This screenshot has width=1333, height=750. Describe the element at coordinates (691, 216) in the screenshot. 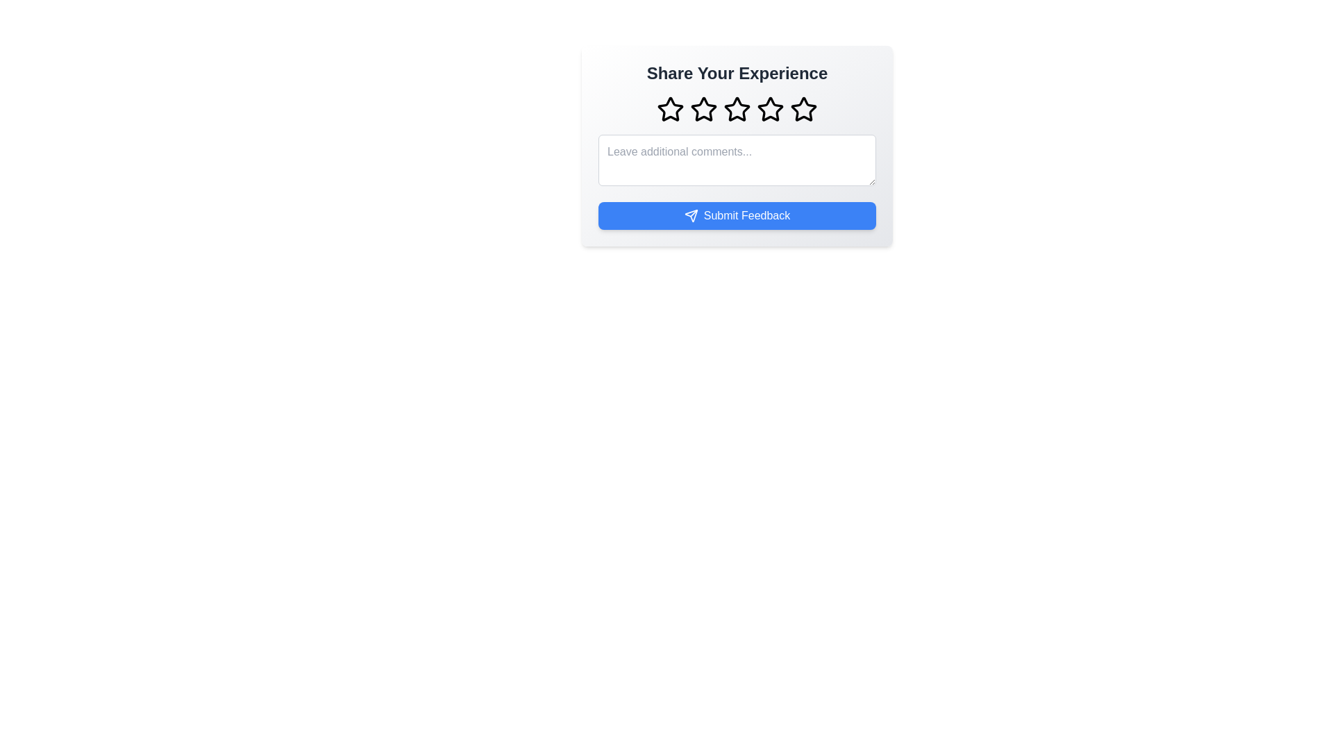

I see `the feedback submission icon located to the left of the 'Submit Feedback' text label in the button group` at that location.